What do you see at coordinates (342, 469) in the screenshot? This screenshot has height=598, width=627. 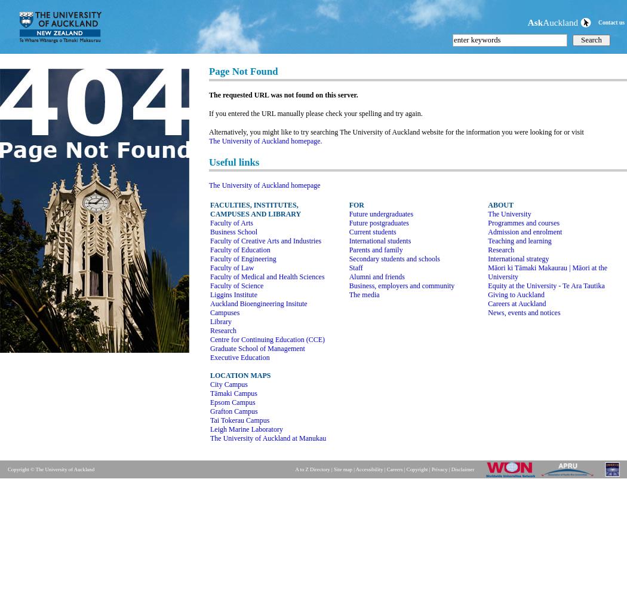 I see `'Site map'` at bounding box center [342, 469].